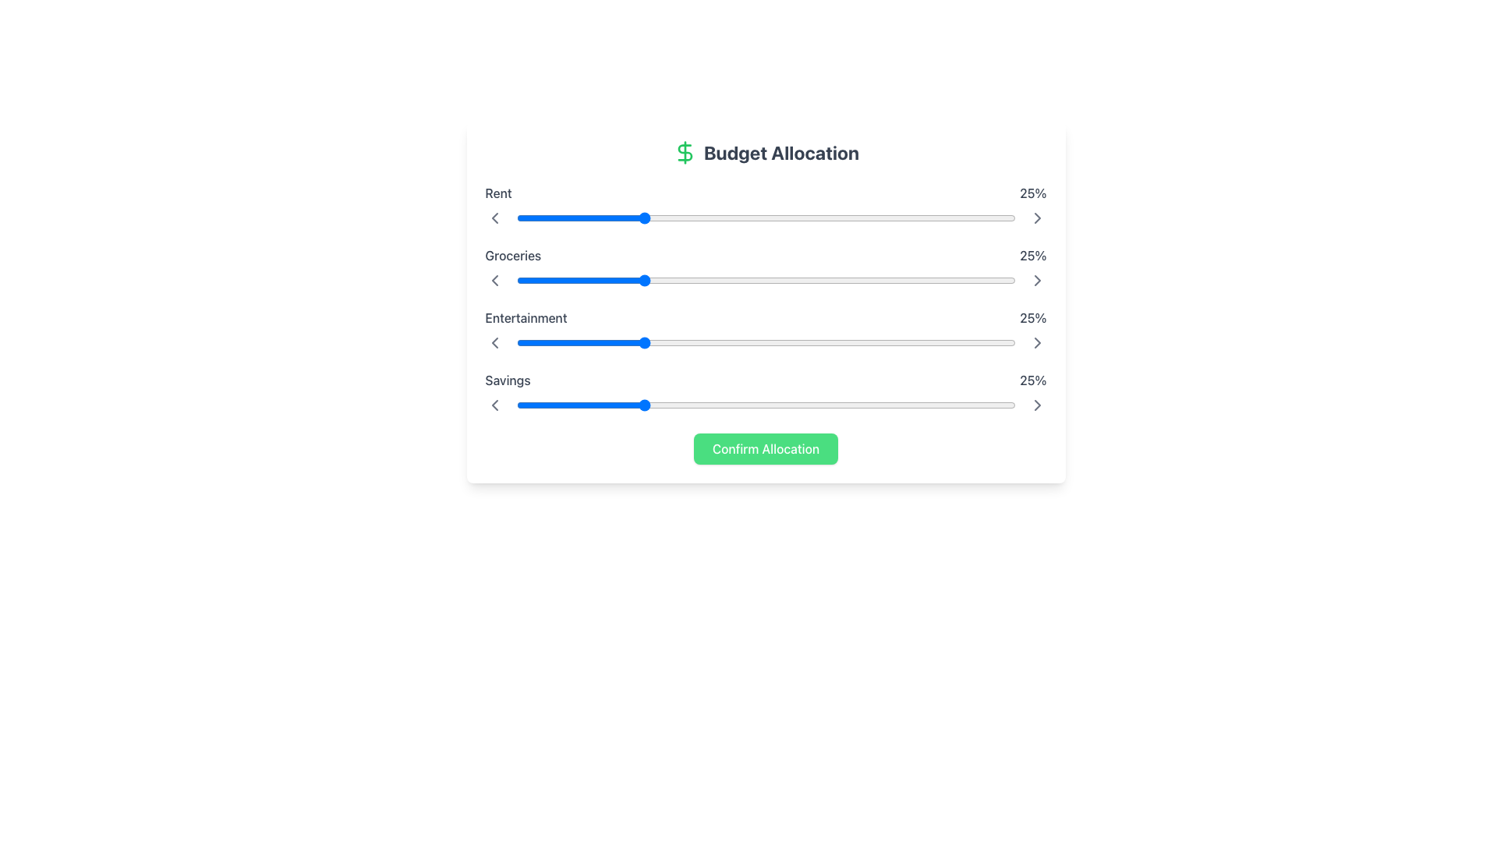 The height and width of the screenshot is (842, 1497). What do you see at coordinates (586, 279) in the screenshot?
I see `the slider value` at bounding box center [586, 279].